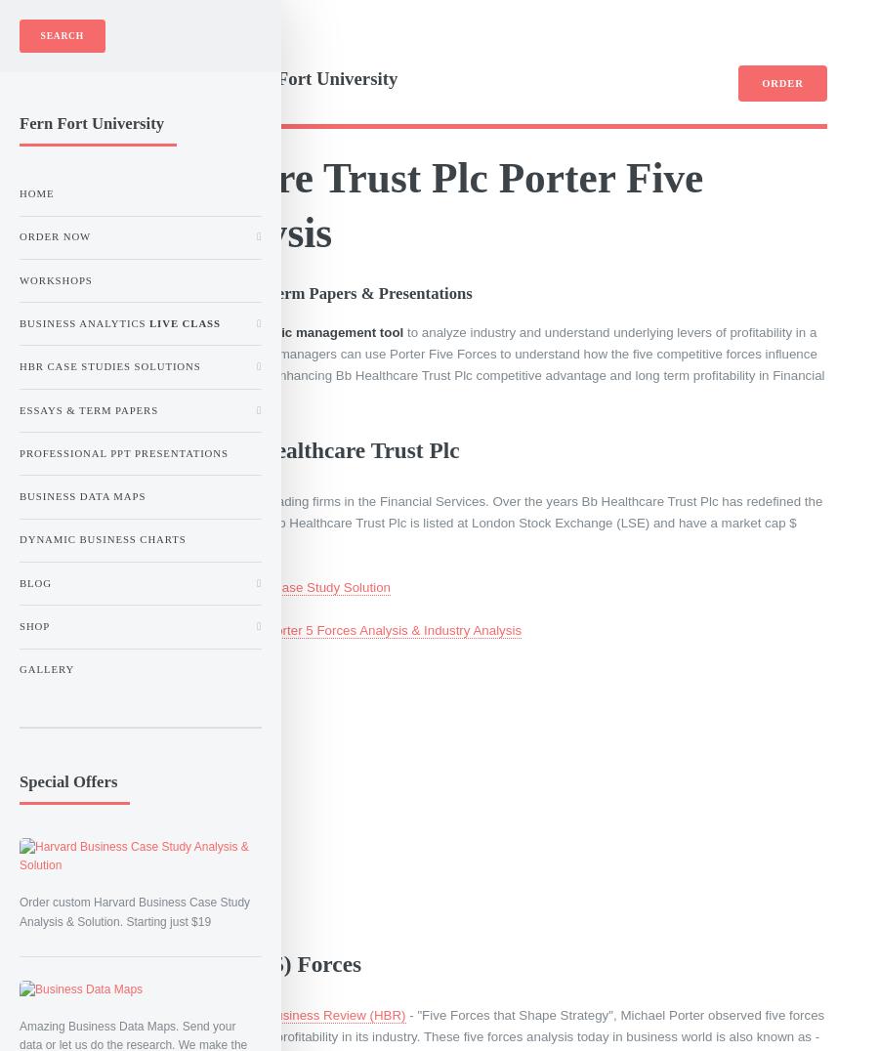 The width and height of the screenshot is (879, 1051). I want to click on 'Order Now - Bb Healthcare Trust Plc Porter 5 Forces Analysis & Industry Analysis', so click(285, 628).